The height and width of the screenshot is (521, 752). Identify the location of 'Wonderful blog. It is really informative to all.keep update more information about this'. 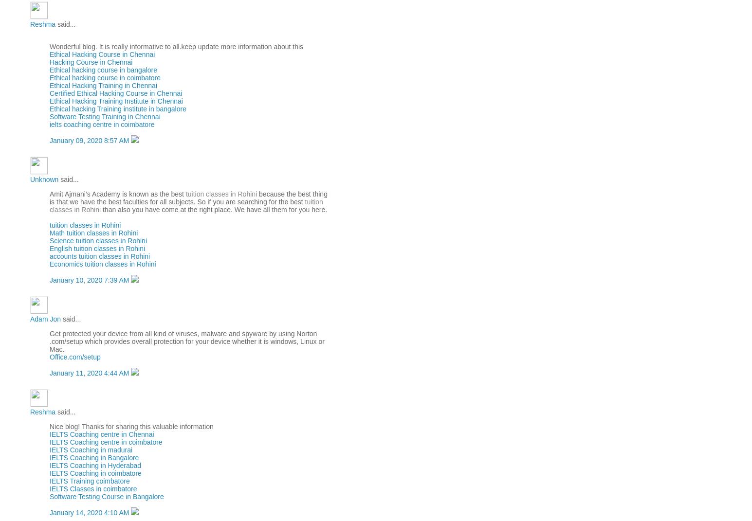
(176, 46).